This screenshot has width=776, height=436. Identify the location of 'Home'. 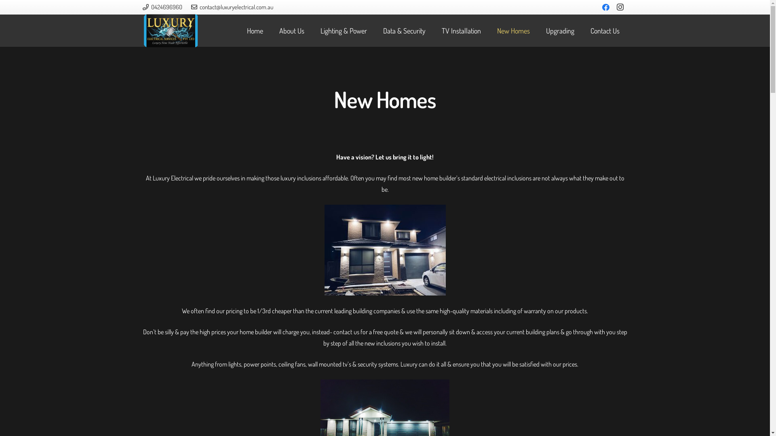
(254, 30).